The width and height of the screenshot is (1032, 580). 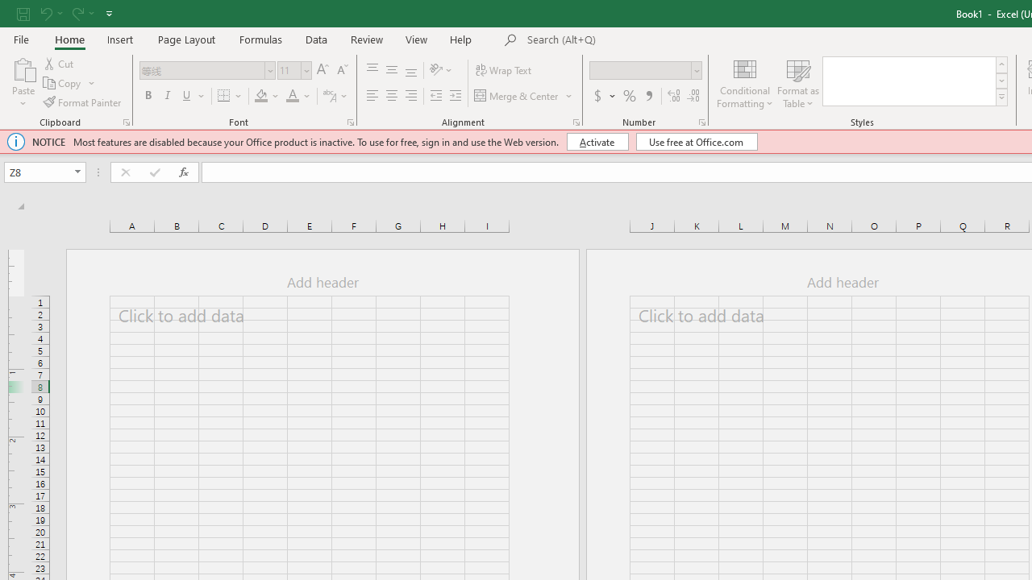 What do you see at coordinates (576, 121) in the screenshot?
I see `'Format Cell Alignment'` at bounding box center [576, 121].